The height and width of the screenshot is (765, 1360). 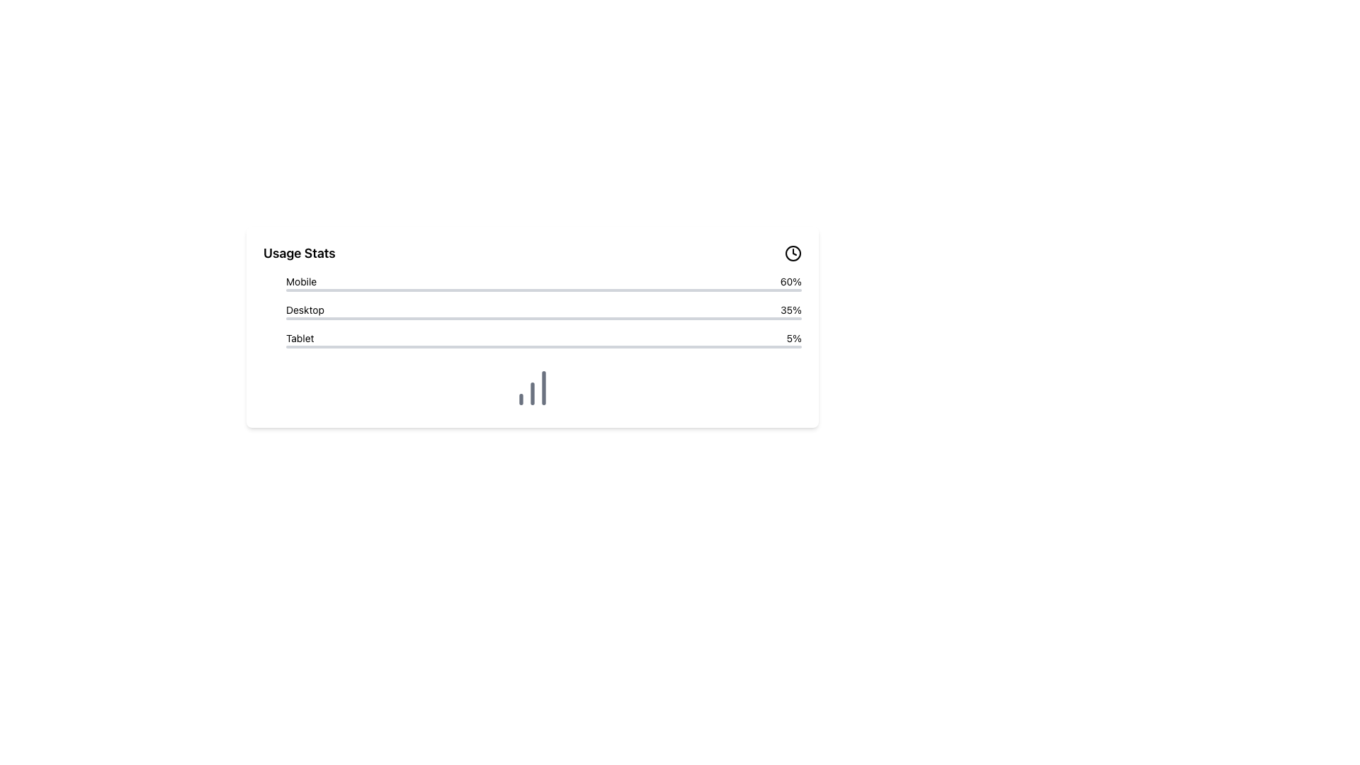 What do you see at coordinates (532, 283) in the screenshot?
I see `the progress bar that visually represents the data usage statistics for mobile devices, indicating 60% of the total usage, located at the top of the vertical list under 'Usage Stats'` at bounding box center [532, 283].